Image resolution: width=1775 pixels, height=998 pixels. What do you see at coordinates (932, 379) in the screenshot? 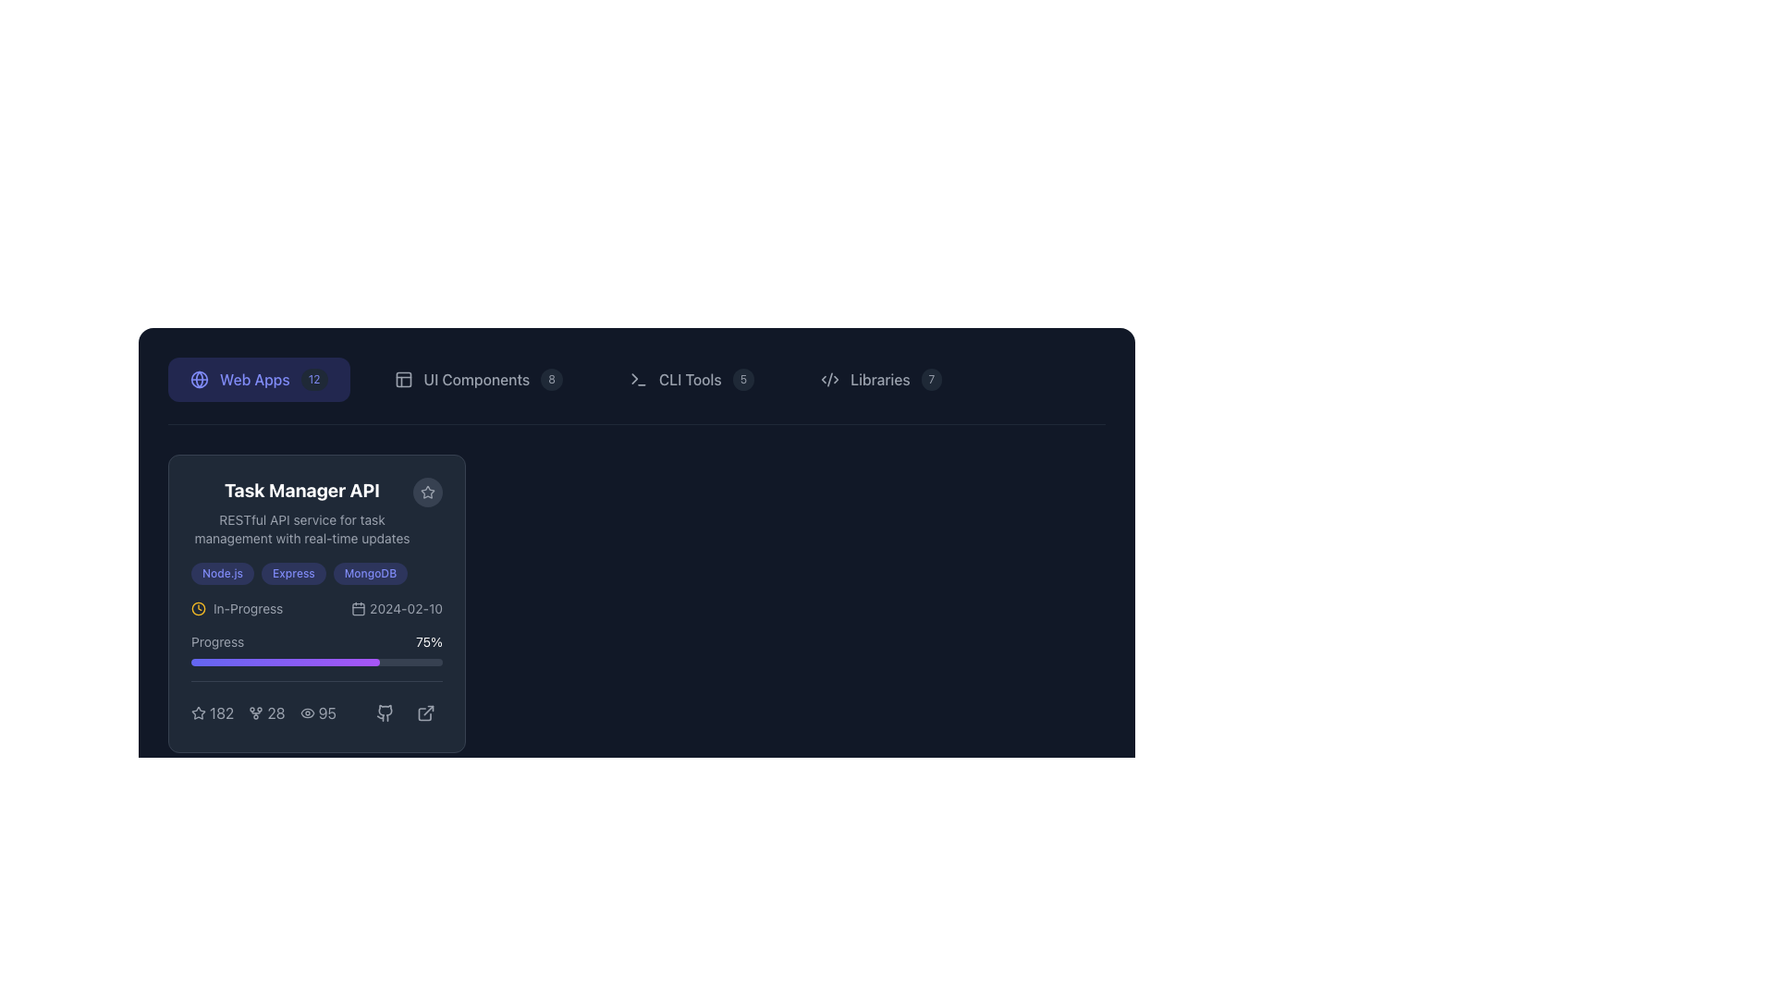
I see `the small badge displaying the number '7', which has a compact, rounded design and a gray background, located to the right of the 'Libraries' text in the navigation menu` at bounding box center [932, 379].